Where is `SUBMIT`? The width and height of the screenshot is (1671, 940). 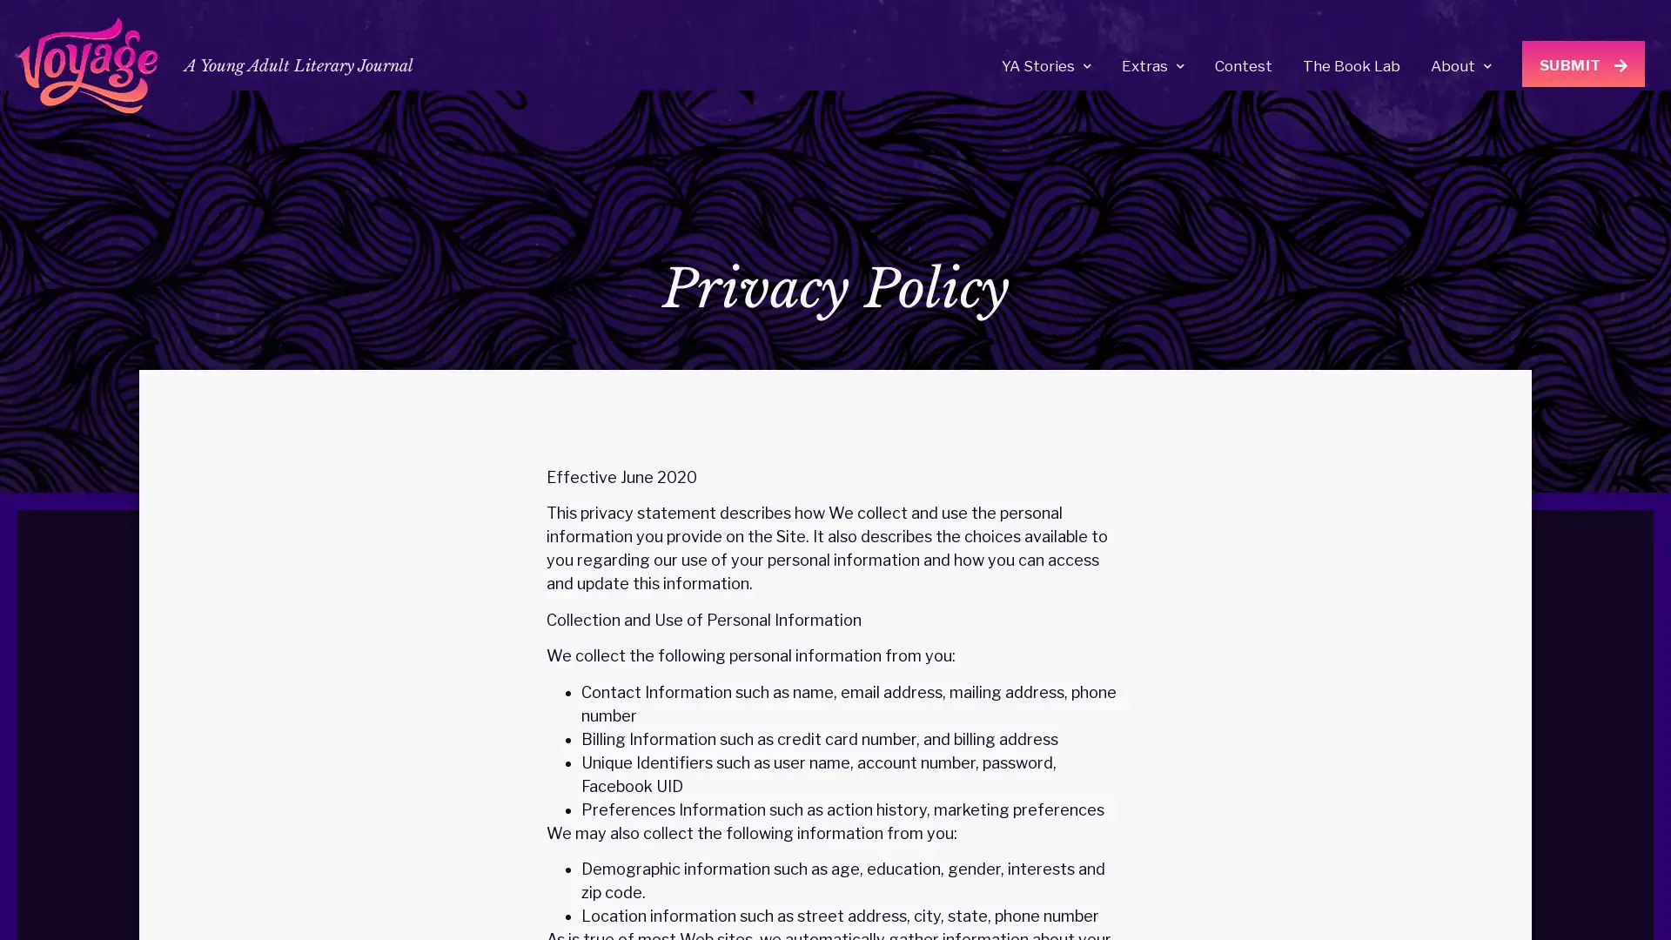 SUBMIT is located at coordinates (1583, 63).